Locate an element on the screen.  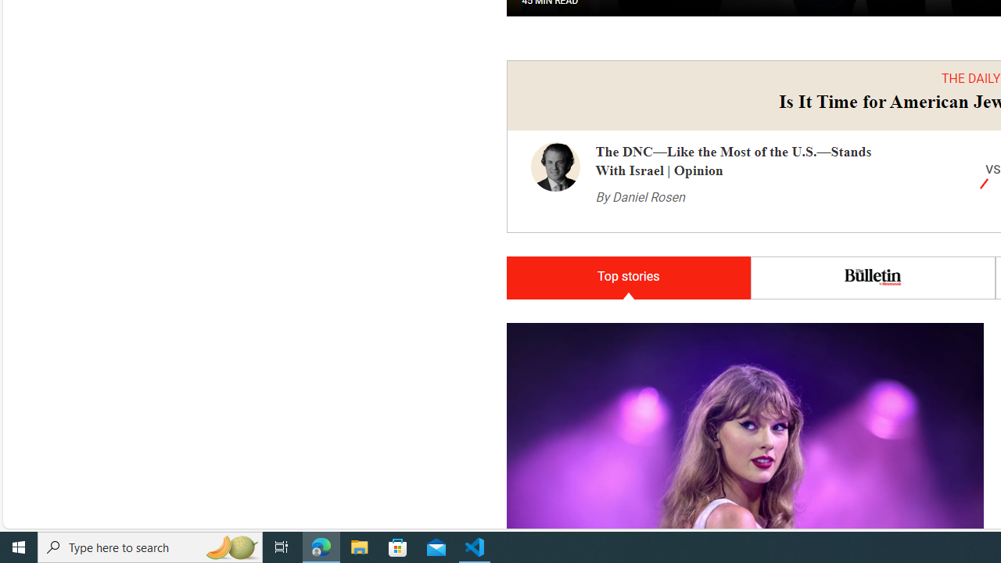
'Visual Studio Code - 1 running window' is located at coordinates (474, 546).